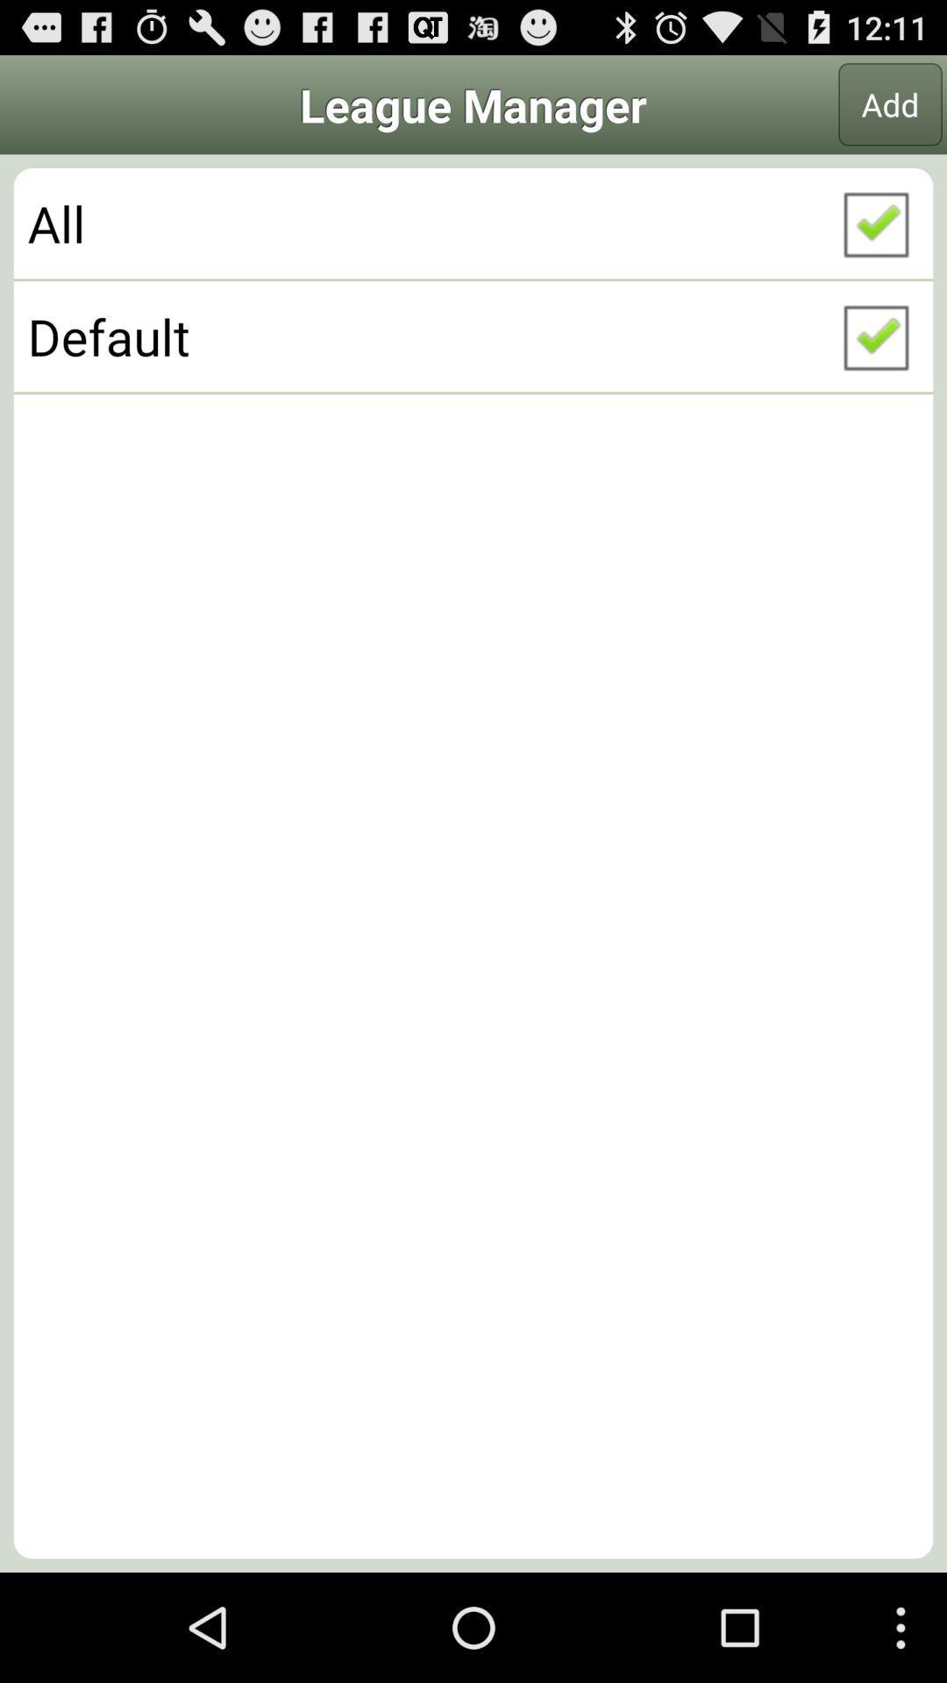 This screenshot has height=1683, width=947. What do you see at coordinates (890, 103) in the screenshot?
I see `item to the right of the league manager icon` at bounding box center [890, 103].